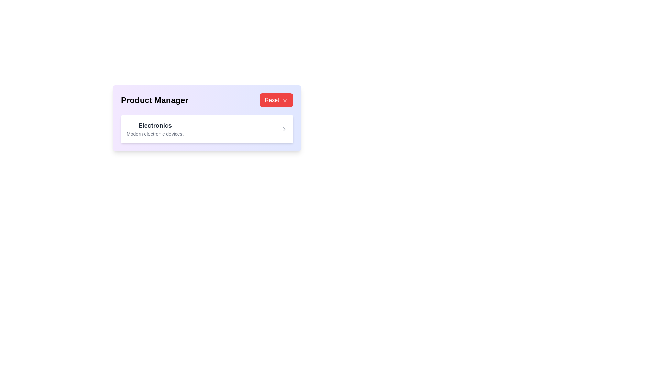  What do you see at coordinates (155, 126) in the screenshot?
I see `the text label 'Electronics' which is styled with a bold and larger font size, located in the top portion of a two-line display within the 'Product Manager' section` at bounding box center [155, 126].